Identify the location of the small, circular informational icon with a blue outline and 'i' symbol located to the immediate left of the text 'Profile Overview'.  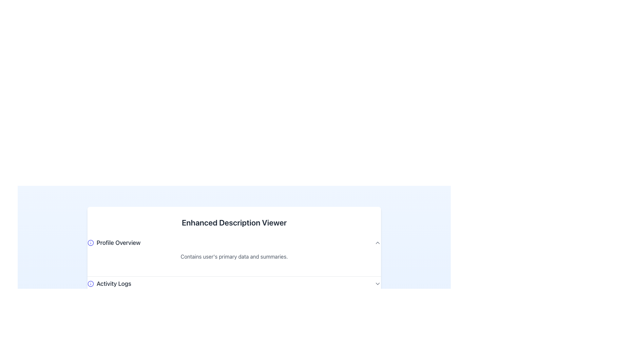
(90, 243).